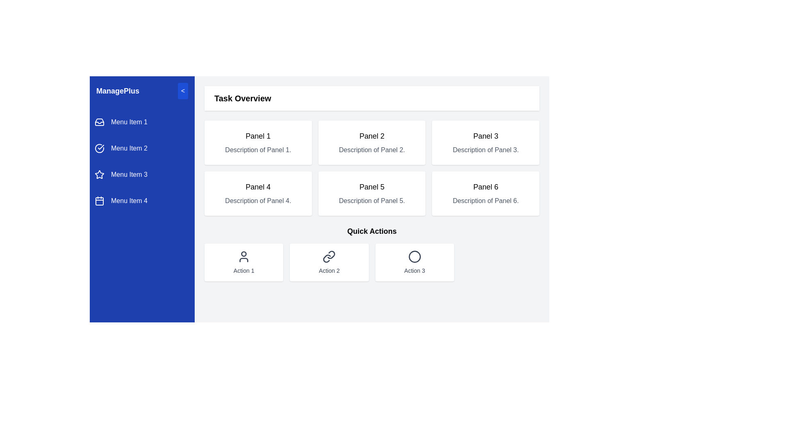 Image resolution: width=787 pixels, height=443 pixels. What do you see at coordinates (99, 174) in the screenshot?
I see `the star icon with a blue outline and white interior located next to 'Menu Item 3' in the sidebar menu` at bounding box center [99, 174].